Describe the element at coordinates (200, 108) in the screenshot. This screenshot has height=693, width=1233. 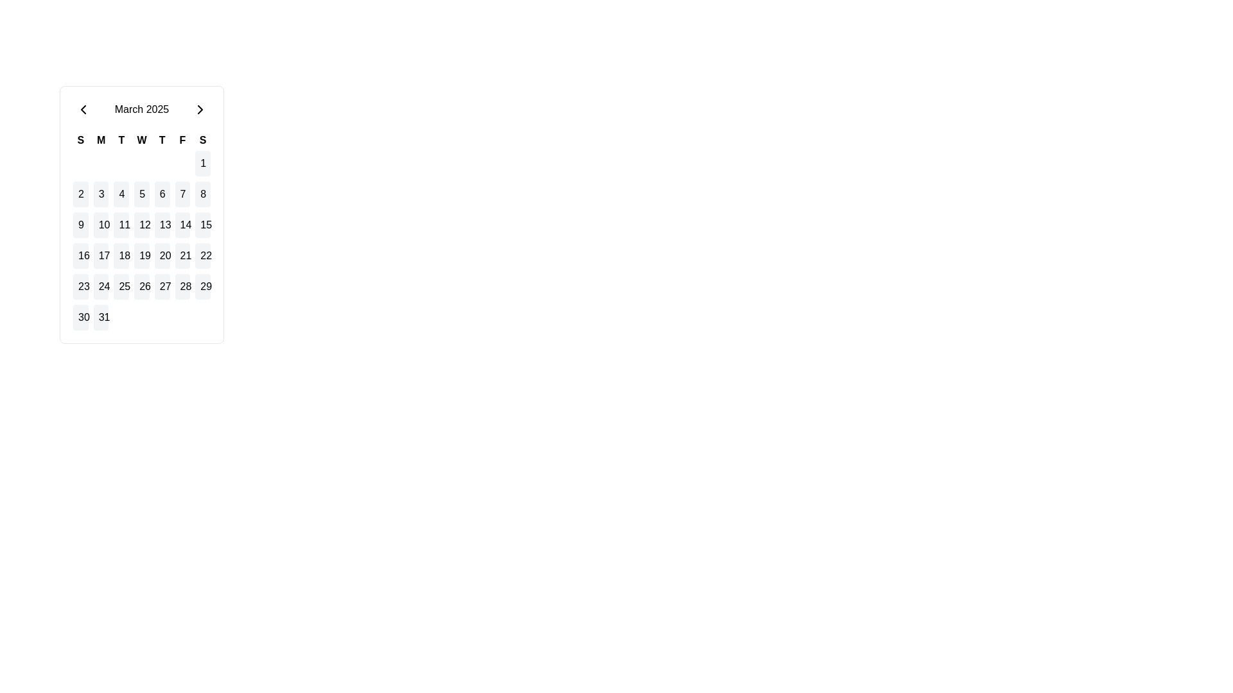
I see `the chevron icon to the right of the month label 'March 2025' in the calendar interface` at that location.